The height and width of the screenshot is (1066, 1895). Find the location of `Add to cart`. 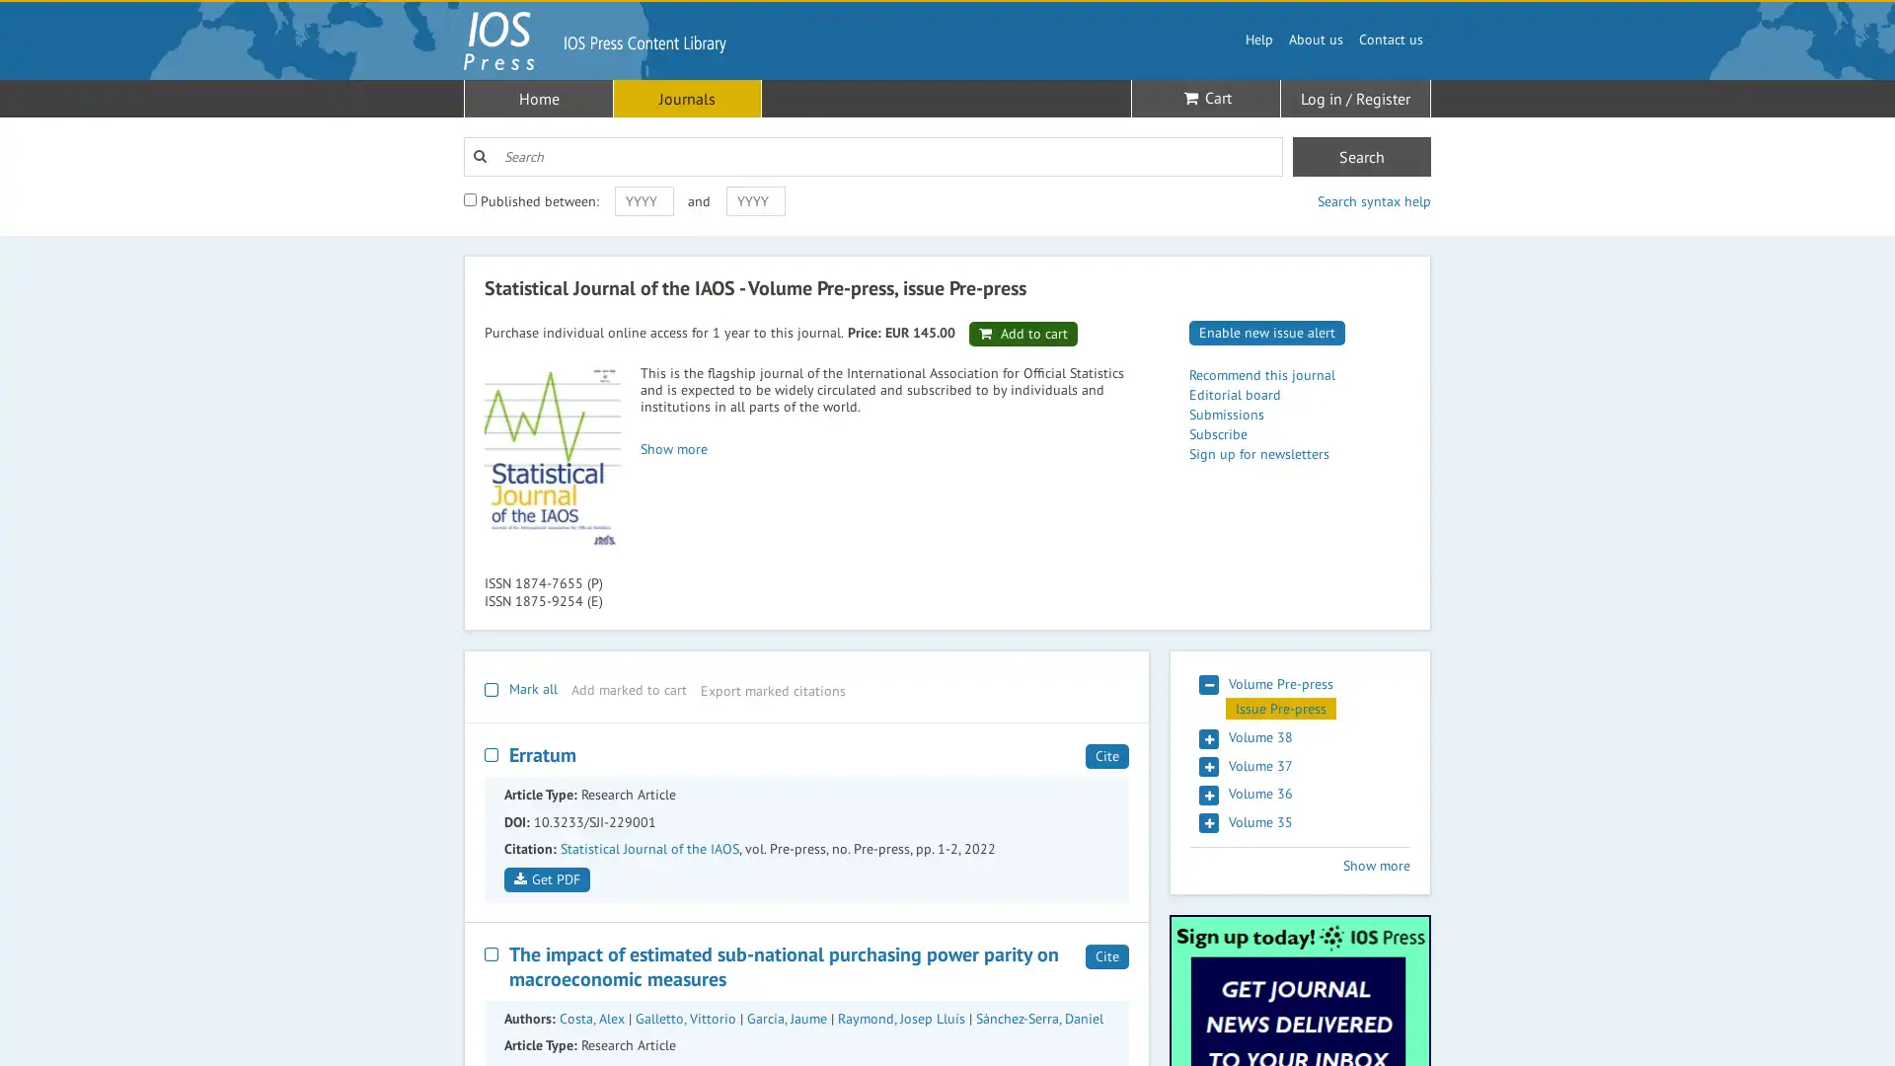

Add to cart is located at coordinates (1023, 332).